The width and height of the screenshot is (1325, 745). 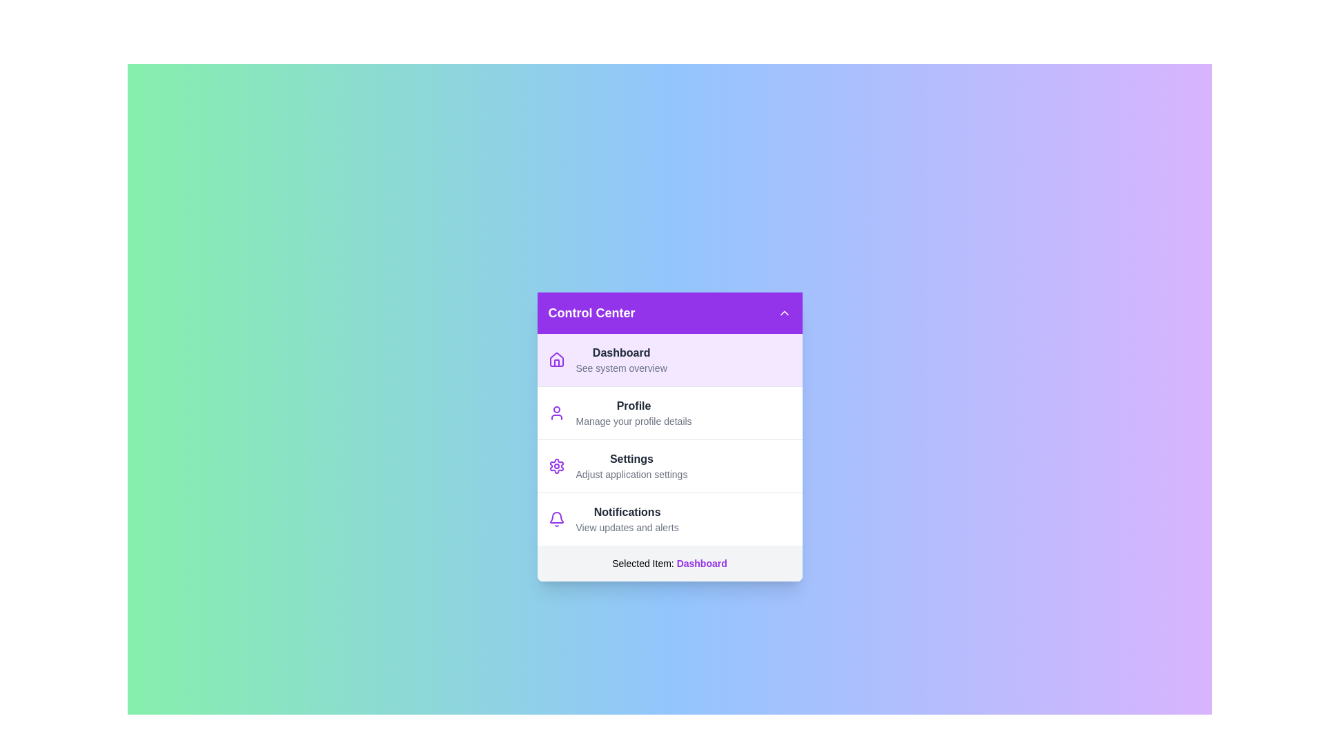 I want to click on the toggle button in the header to toggle the menu visibility, so click(x=784, y=312).